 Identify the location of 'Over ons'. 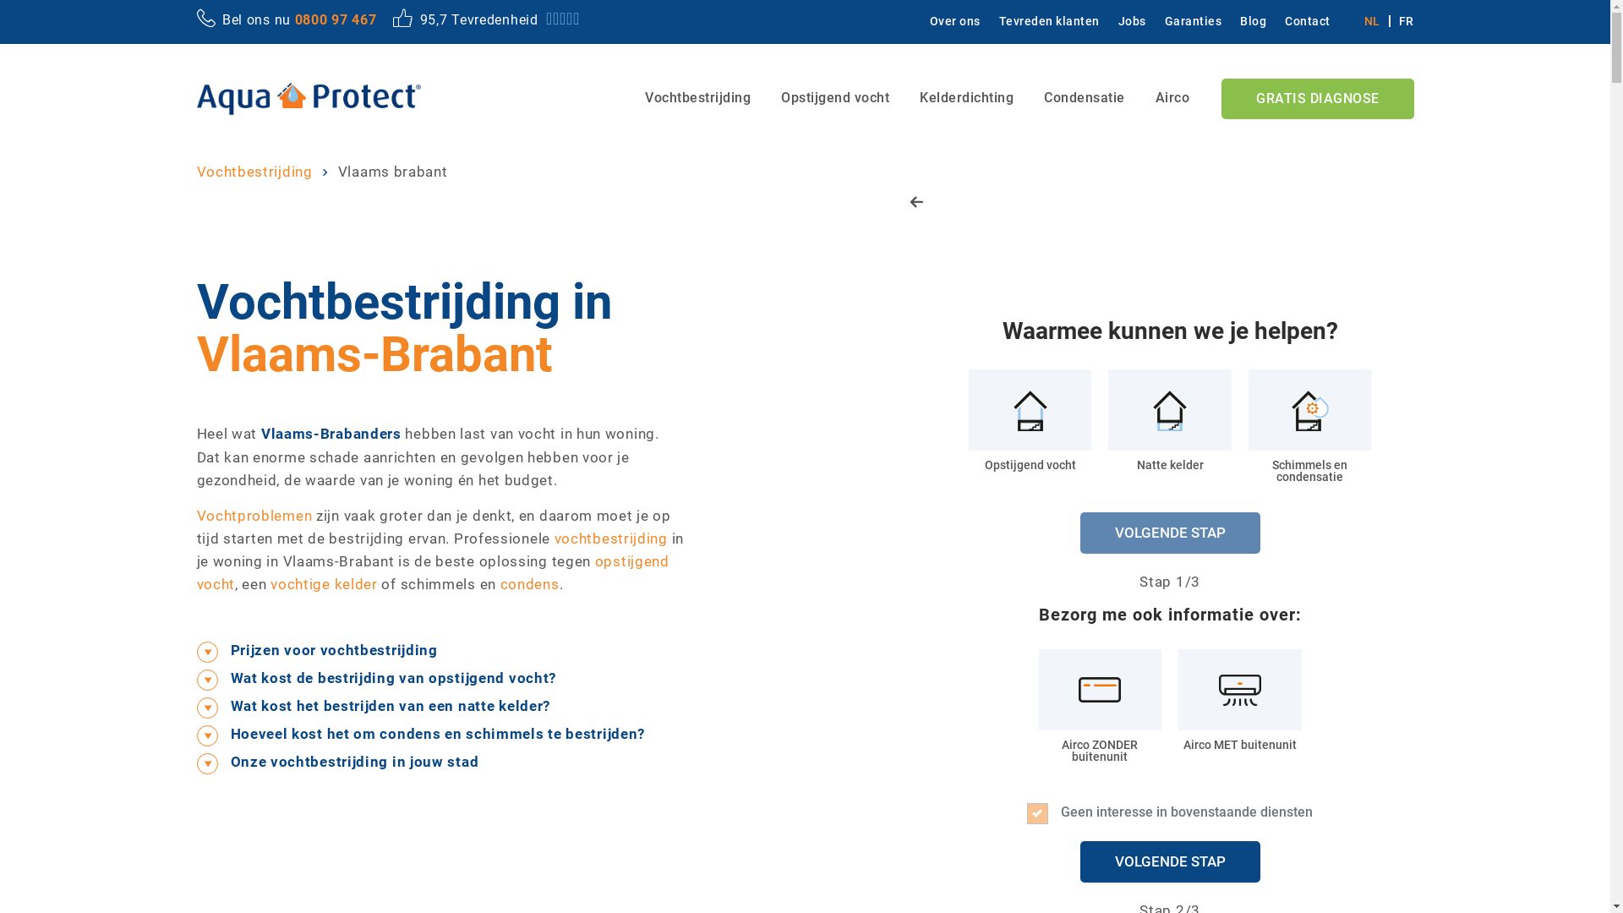
(948, 20).